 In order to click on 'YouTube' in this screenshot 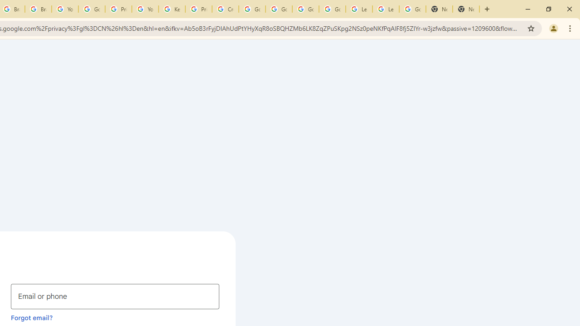, I will do `click(145, 9)`.